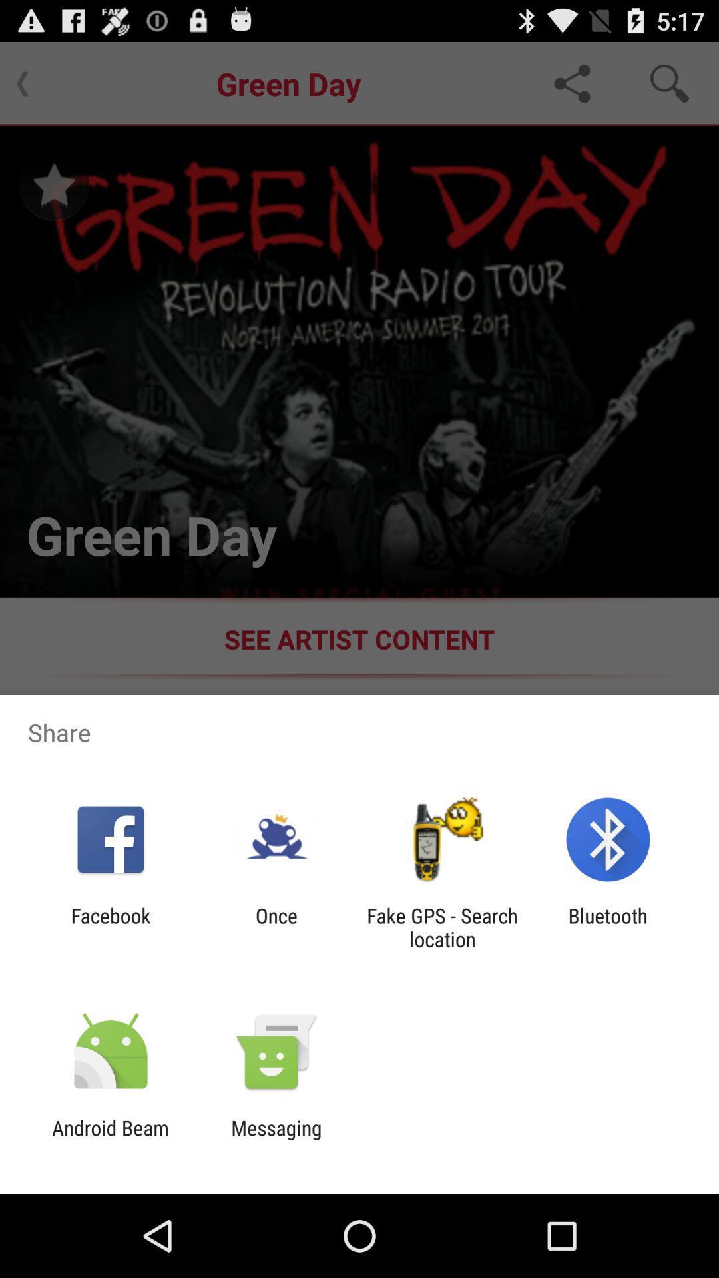 This screenshot has height=1278, width=719. Describe the element at coordinates (110, 1139) in the screenshot. I see `the android beam app` at that location.